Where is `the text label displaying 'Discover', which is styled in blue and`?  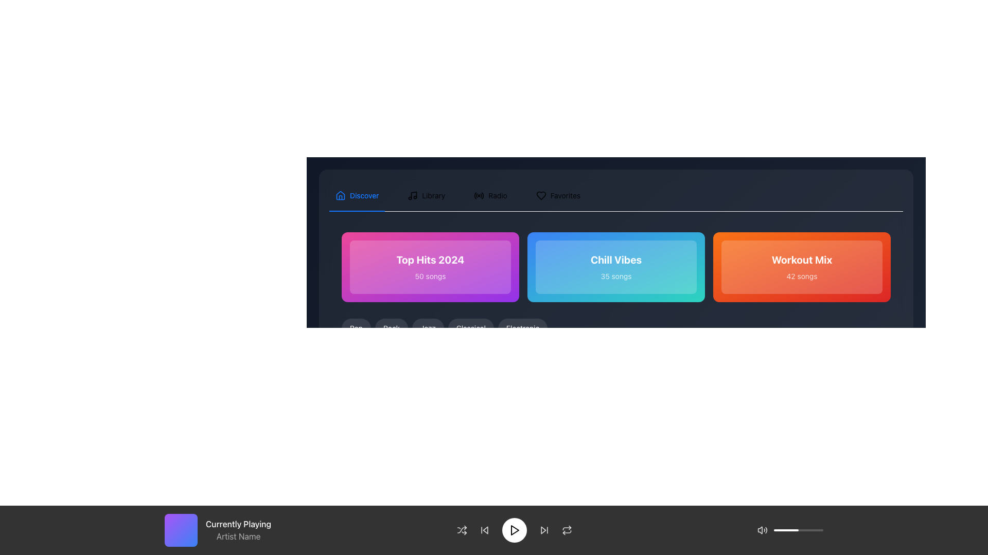
the text label displaying 'Discover', which is styled in blue and is located at coordinates (364, 196).